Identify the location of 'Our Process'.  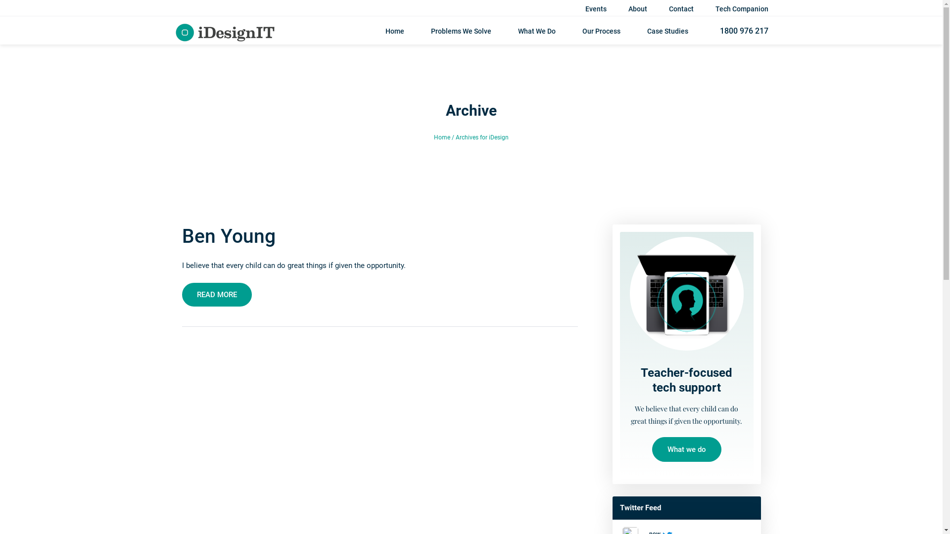
(600, 34).